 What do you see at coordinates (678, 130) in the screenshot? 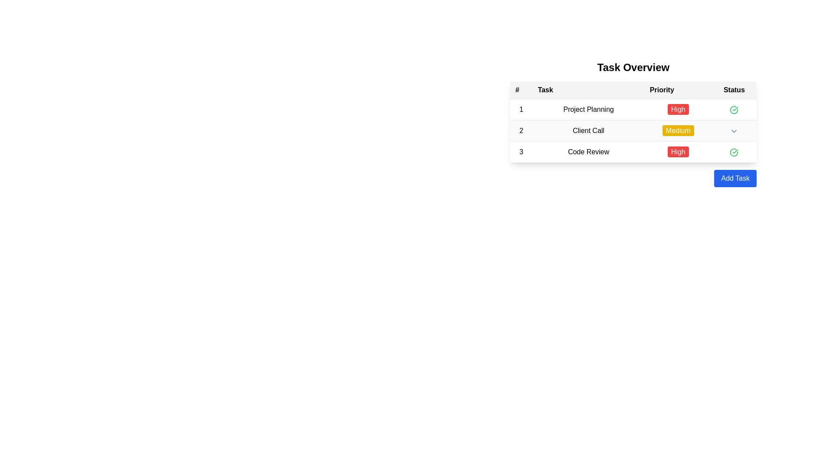
I see `the 'Medium' priority label located in the 'Priority' column of the second row in the task list under 'Task Overview'` at bounding box center [678, 130].